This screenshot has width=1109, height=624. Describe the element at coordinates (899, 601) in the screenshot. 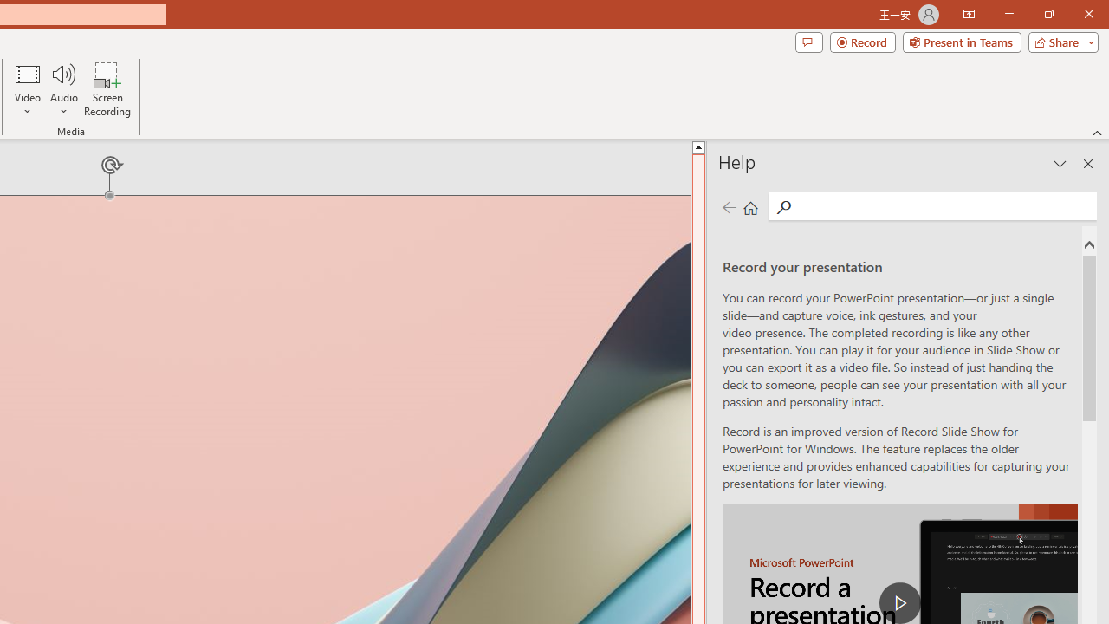

I see `'play Record a Presentation'` at that location.